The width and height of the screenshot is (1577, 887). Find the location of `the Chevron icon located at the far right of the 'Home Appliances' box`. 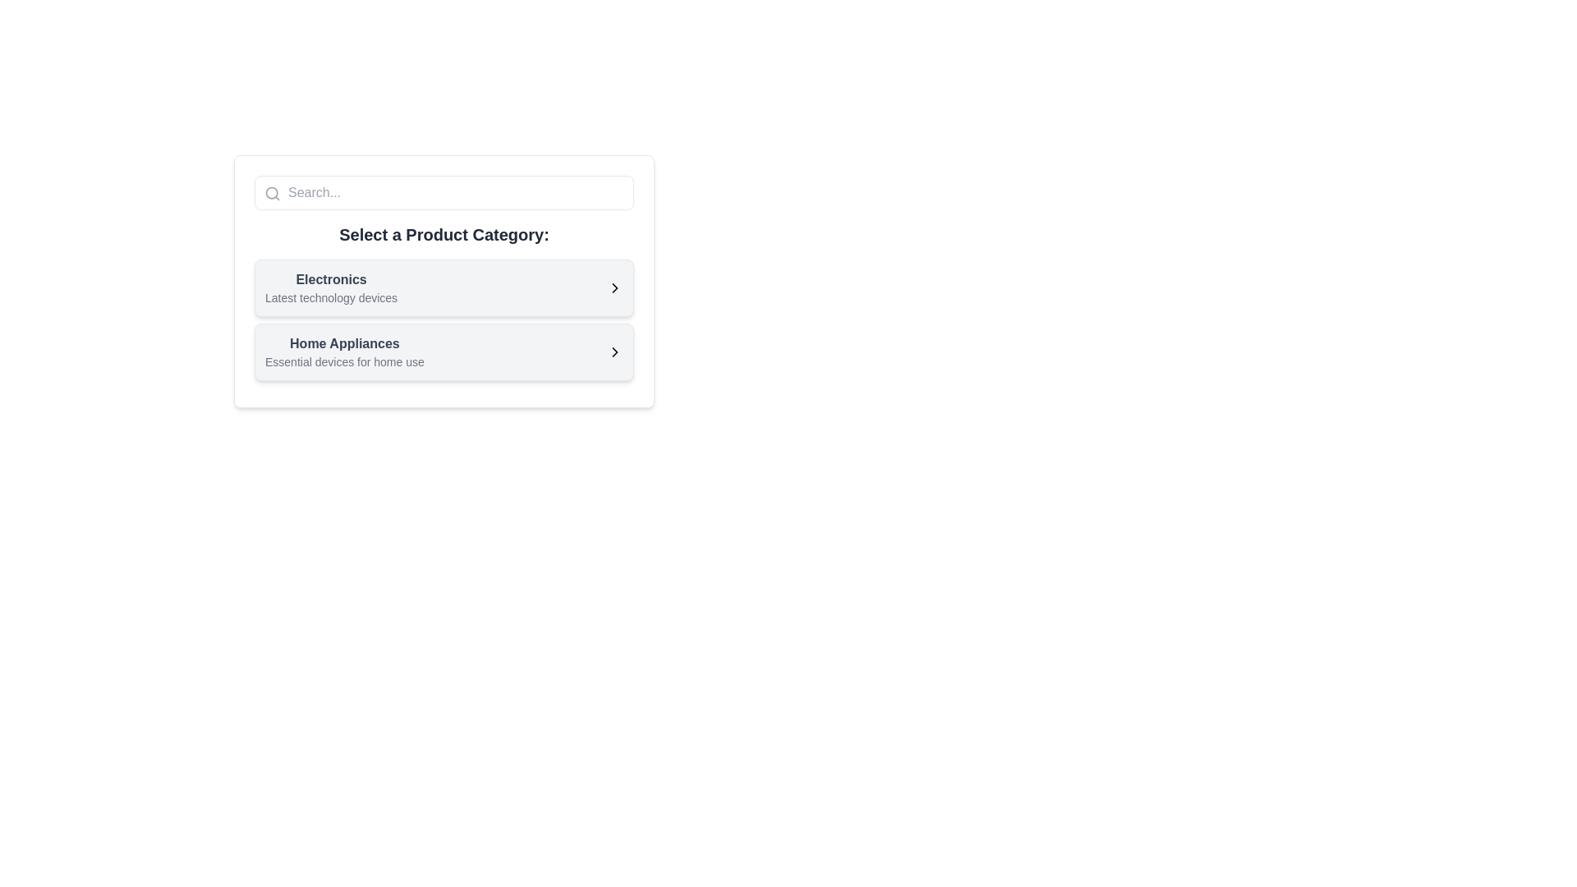

the Chevron icon located at the far right of the 'Home Appliances' box is located at coordinates (614, 351).